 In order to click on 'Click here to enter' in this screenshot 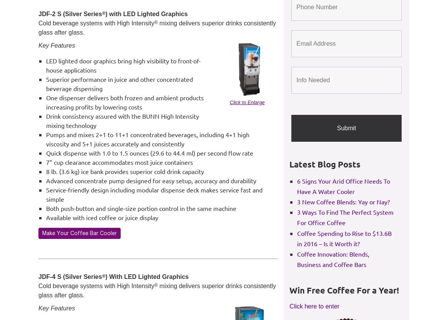, I will do `click(289, 305)`.